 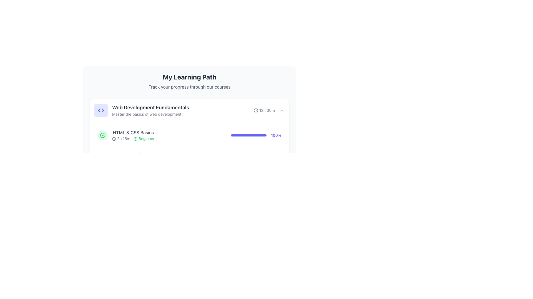 What do you see at coordinates (264, 110) in the screenshot?
I see `the text with icon displaying the duration of time for the 'Web Development Fundamentals' course, located in the top-right area of the section, aligned horizontally with the progress bar` at bounding box center [264, 110].